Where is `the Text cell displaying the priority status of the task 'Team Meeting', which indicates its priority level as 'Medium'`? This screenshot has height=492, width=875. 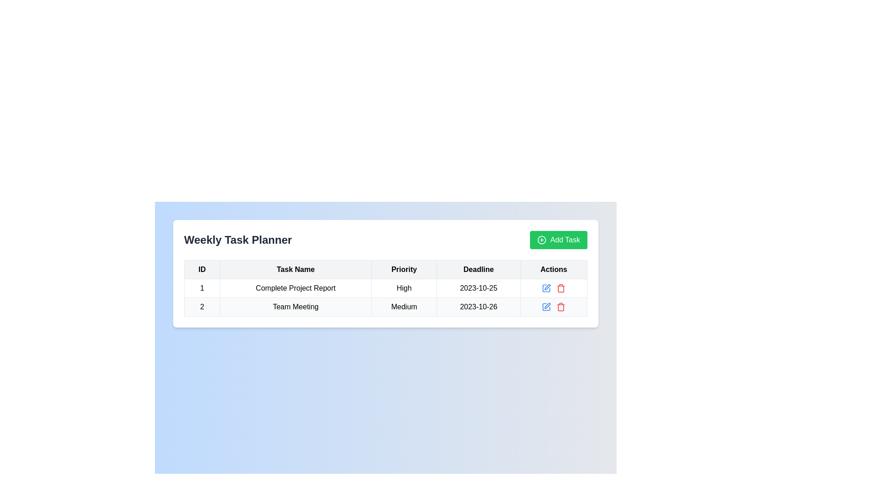 the Text cell displaying the priority status of the task 'Team Meeting', which indicates its priority level as 'Medium' is located at coordinates (403, 307).